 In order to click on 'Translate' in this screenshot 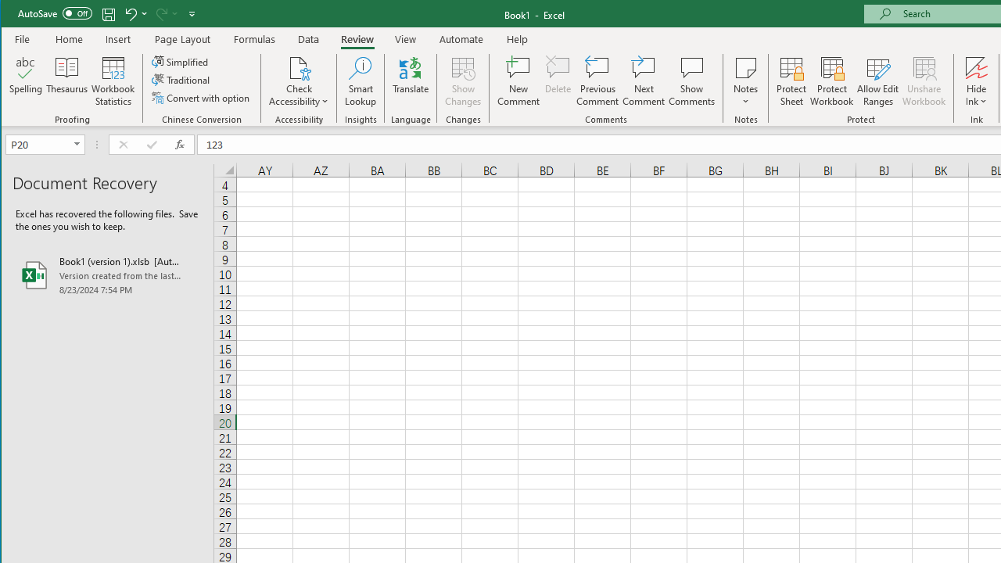, I will do `click(411, 81)`.